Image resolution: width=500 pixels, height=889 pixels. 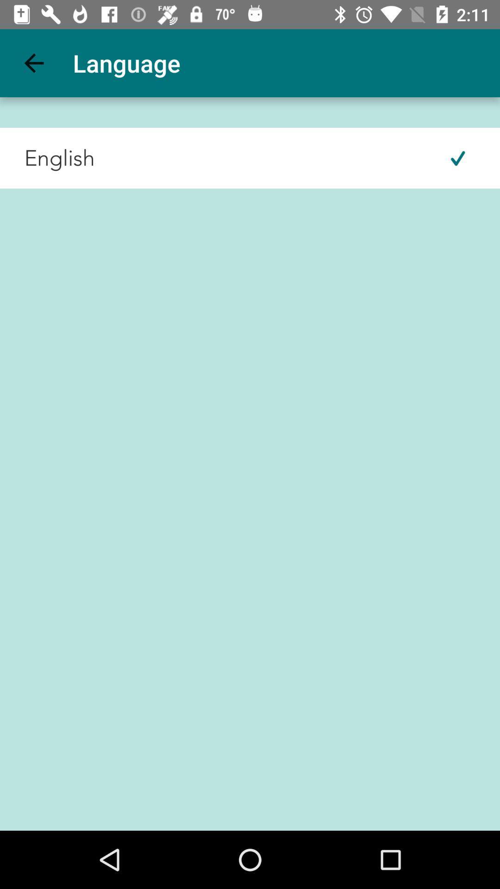 What do you see at coordinates (457, 158) in the screenshot?
I see `the icon next to the english icon` at bounding box center [457, 158].